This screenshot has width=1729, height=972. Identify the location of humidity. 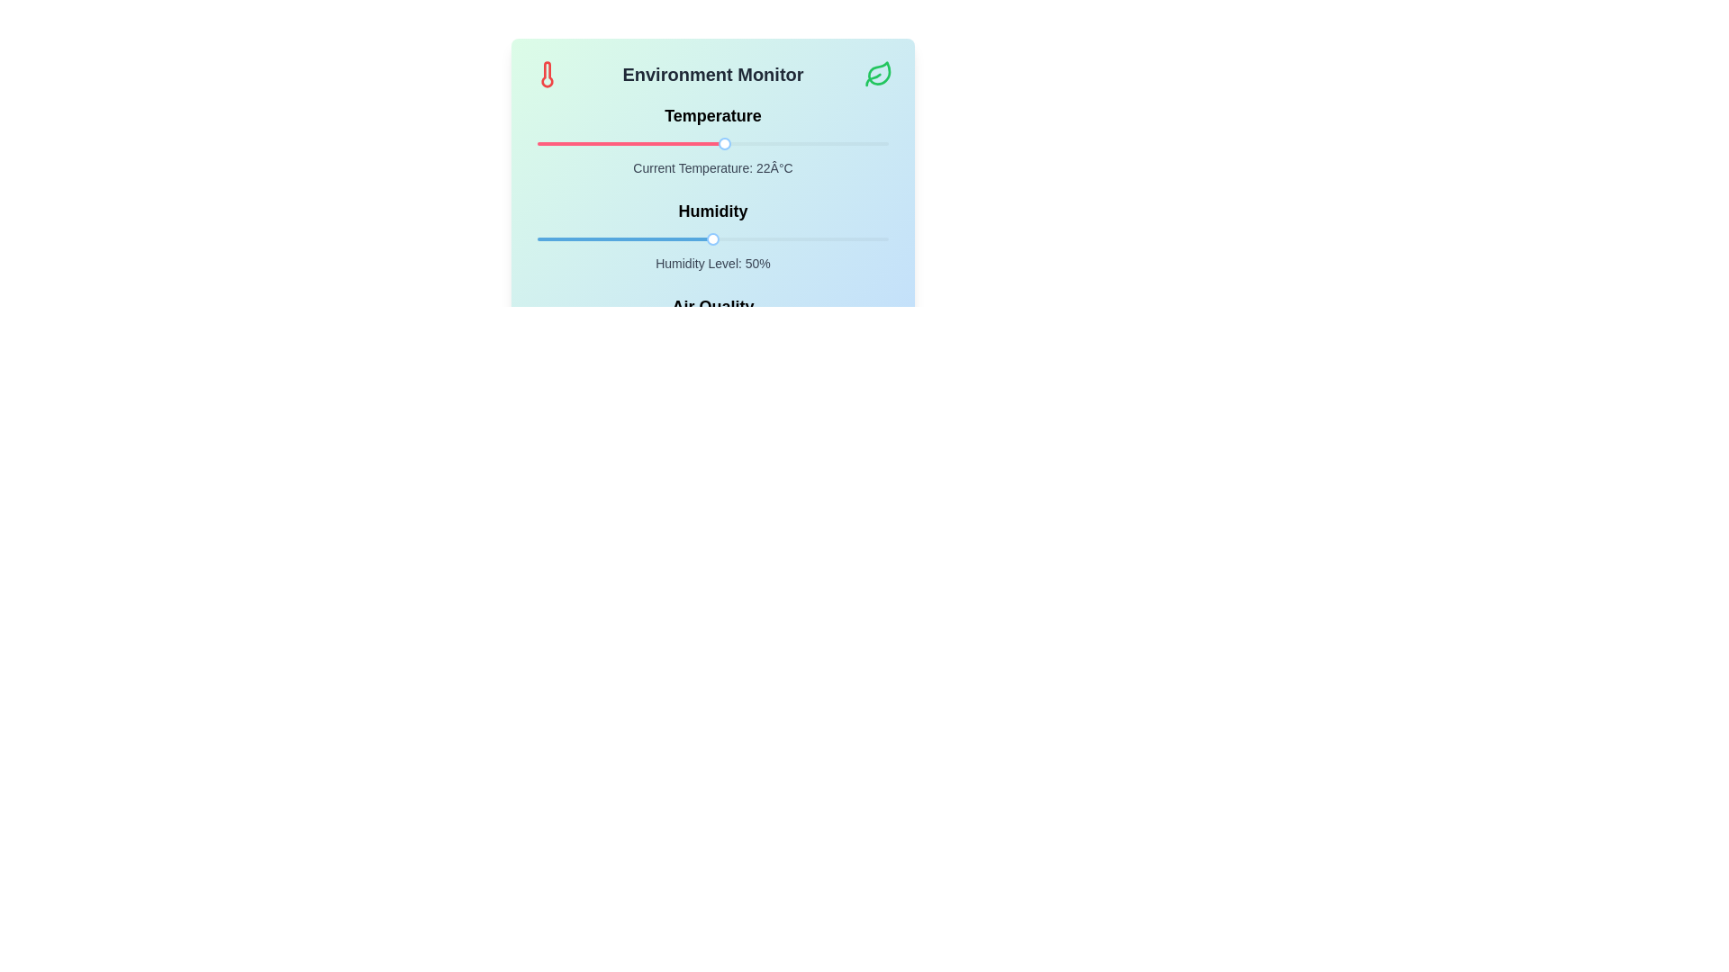
(776, 238).